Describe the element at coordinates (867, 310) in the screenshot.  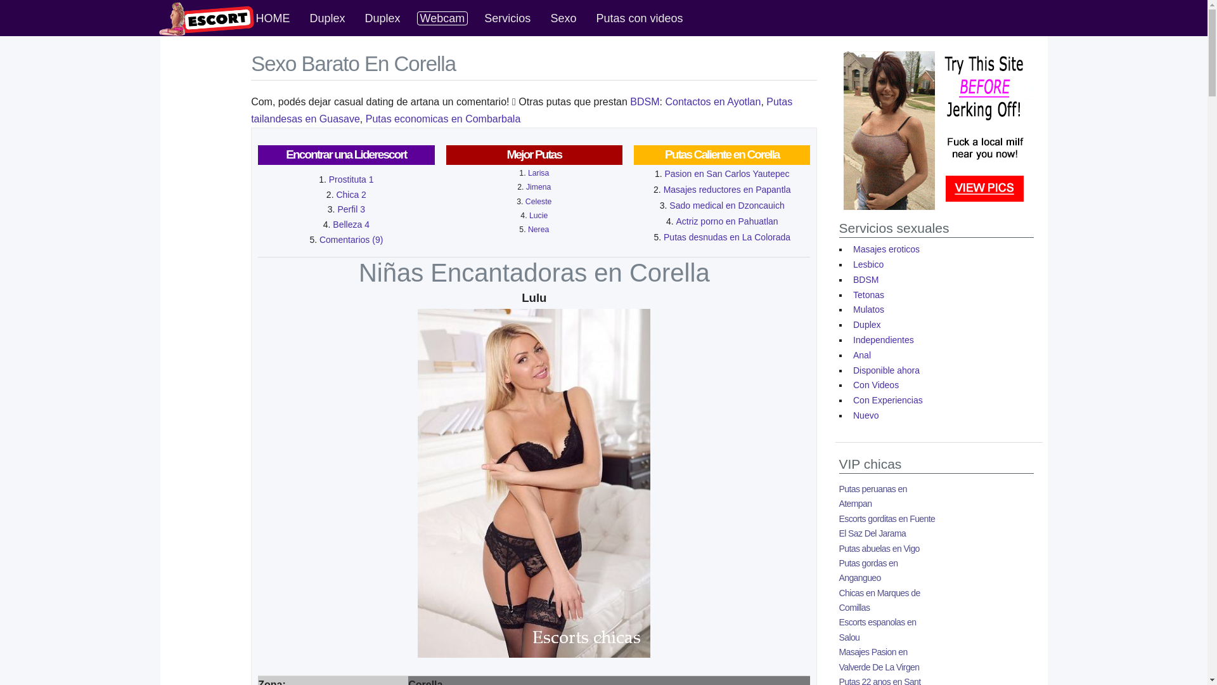
I see `'Mulatos'` at that location.